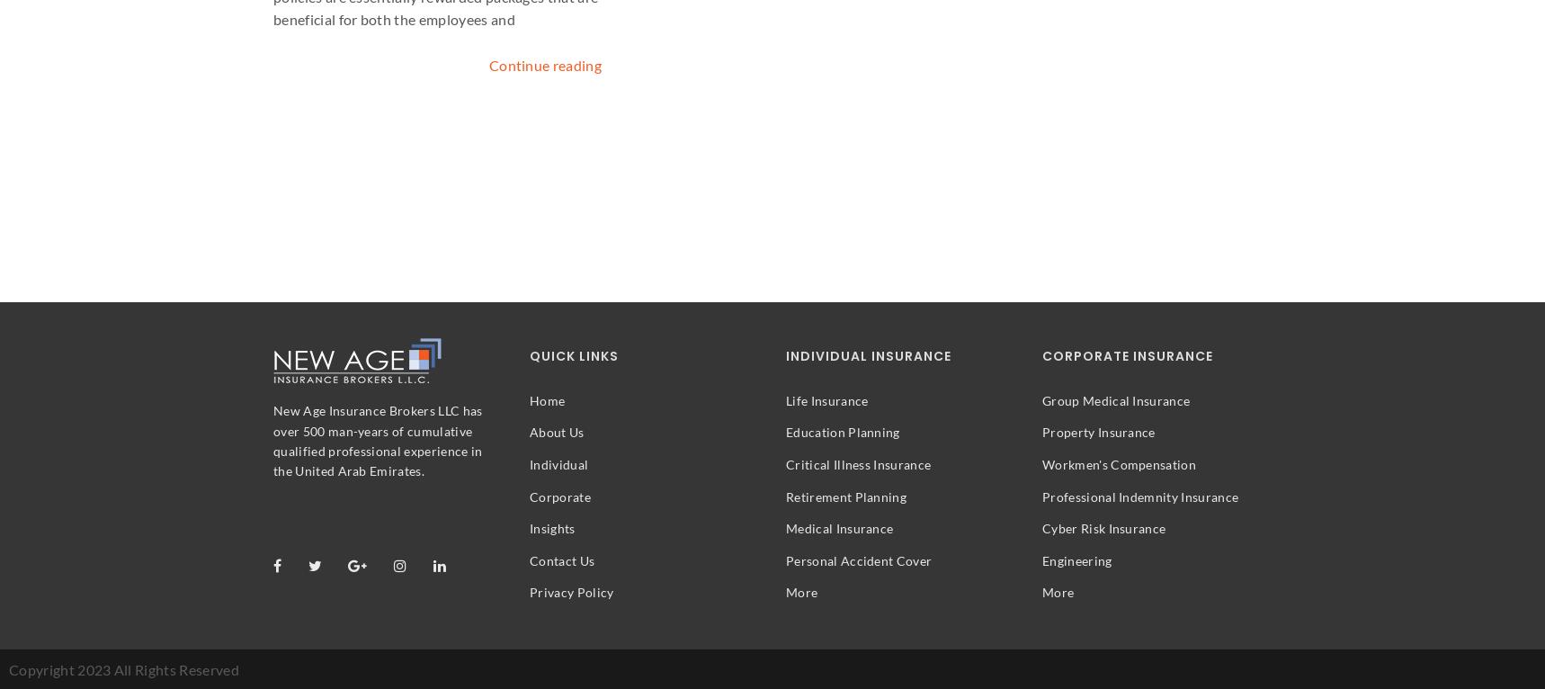 The height and width of the screenshot is (689, 1545). Describe the element at coordinates (838, 528) in the screenshot. I see `'Medical Insurance'` at that location.